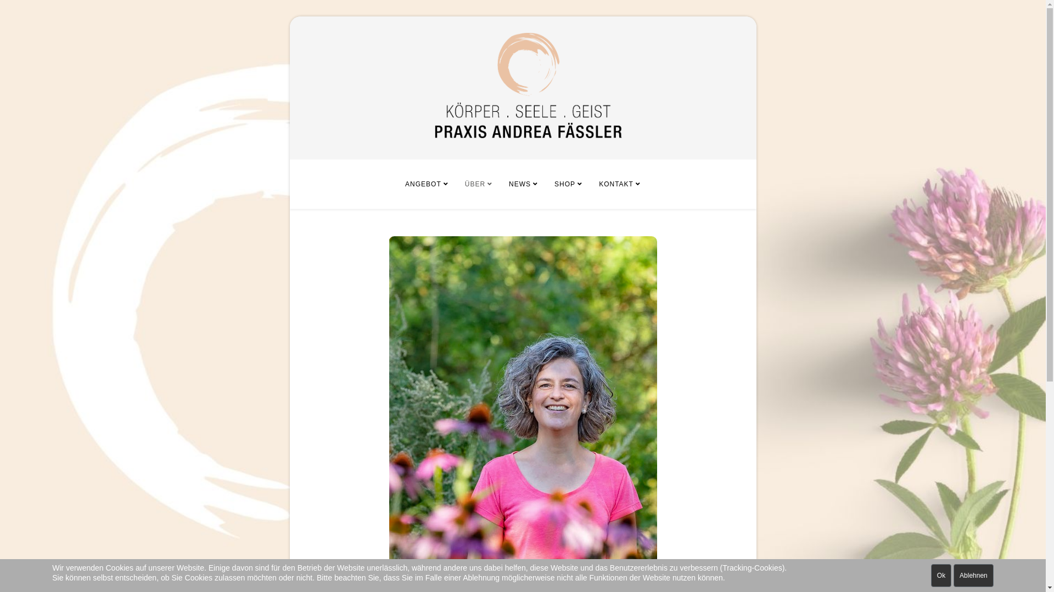 This screenshot has width=1054, height=592. What do you see at coordinates (568, 183) in the screenshot?
I see `'SHOP'` at bounding box center [568, 183].